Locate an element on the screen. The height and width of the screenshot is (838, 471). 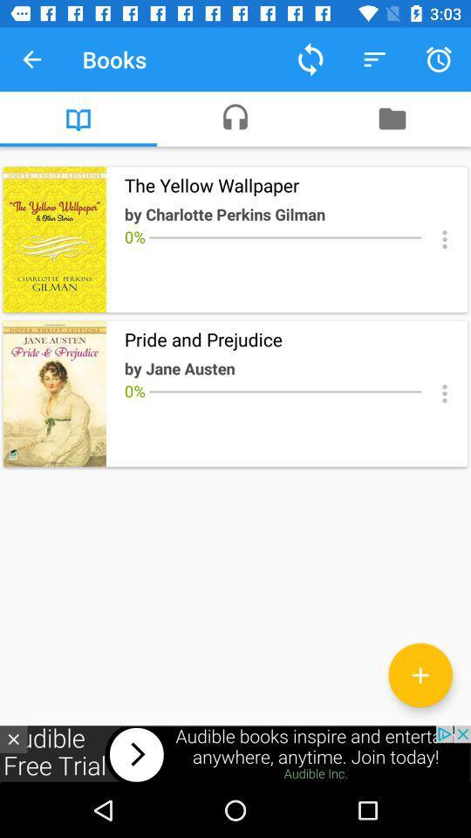
advertisement is located at coordinates (12, 738).